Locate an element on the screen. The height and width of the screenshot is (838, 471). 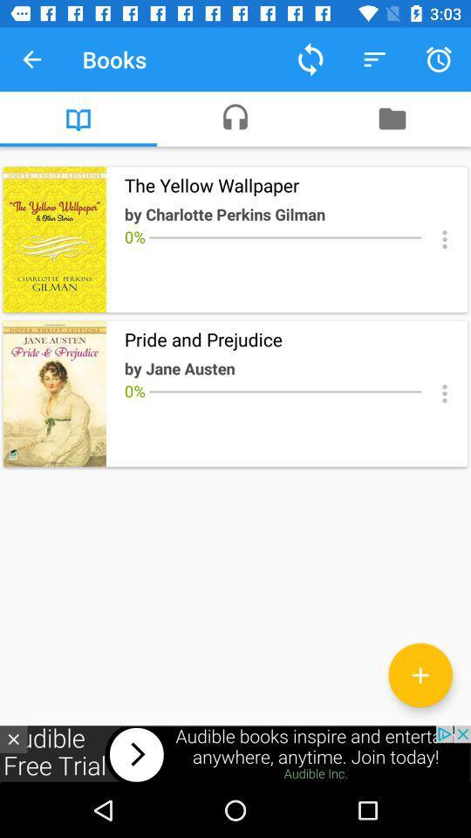
advertisement is located at coordinates (12, 738).